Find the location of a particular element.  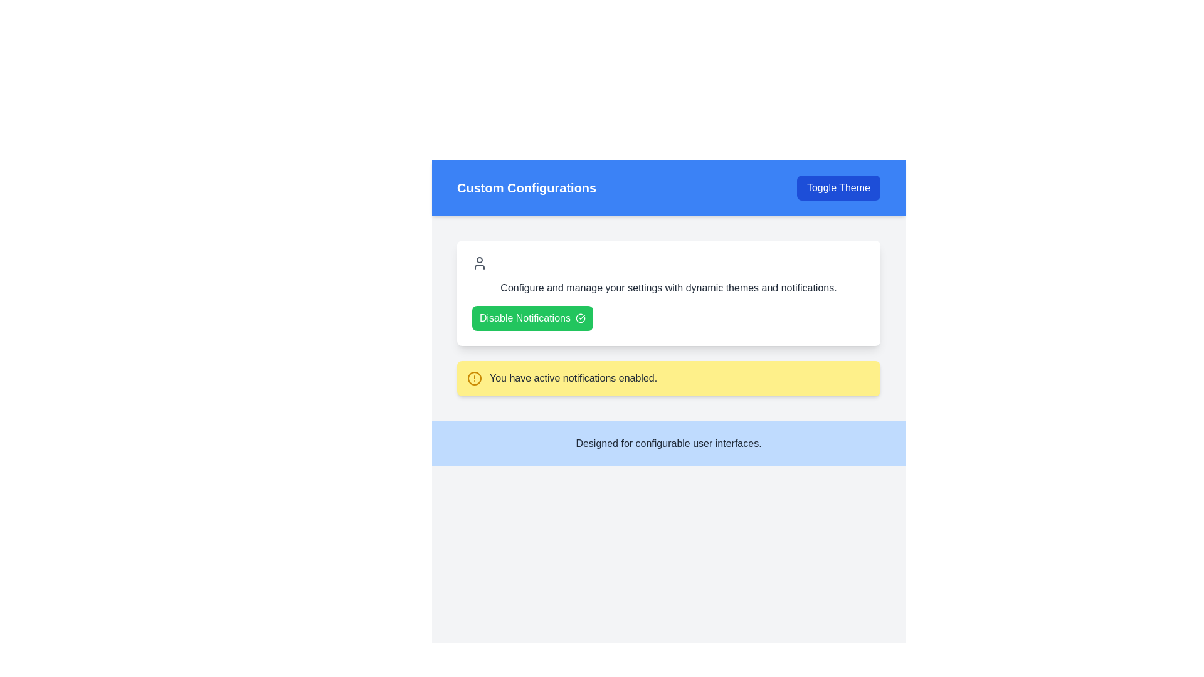

the 'Toggle Theme' button located on the top right corner of the blue navigation bar is located at coordinates (838, 188).